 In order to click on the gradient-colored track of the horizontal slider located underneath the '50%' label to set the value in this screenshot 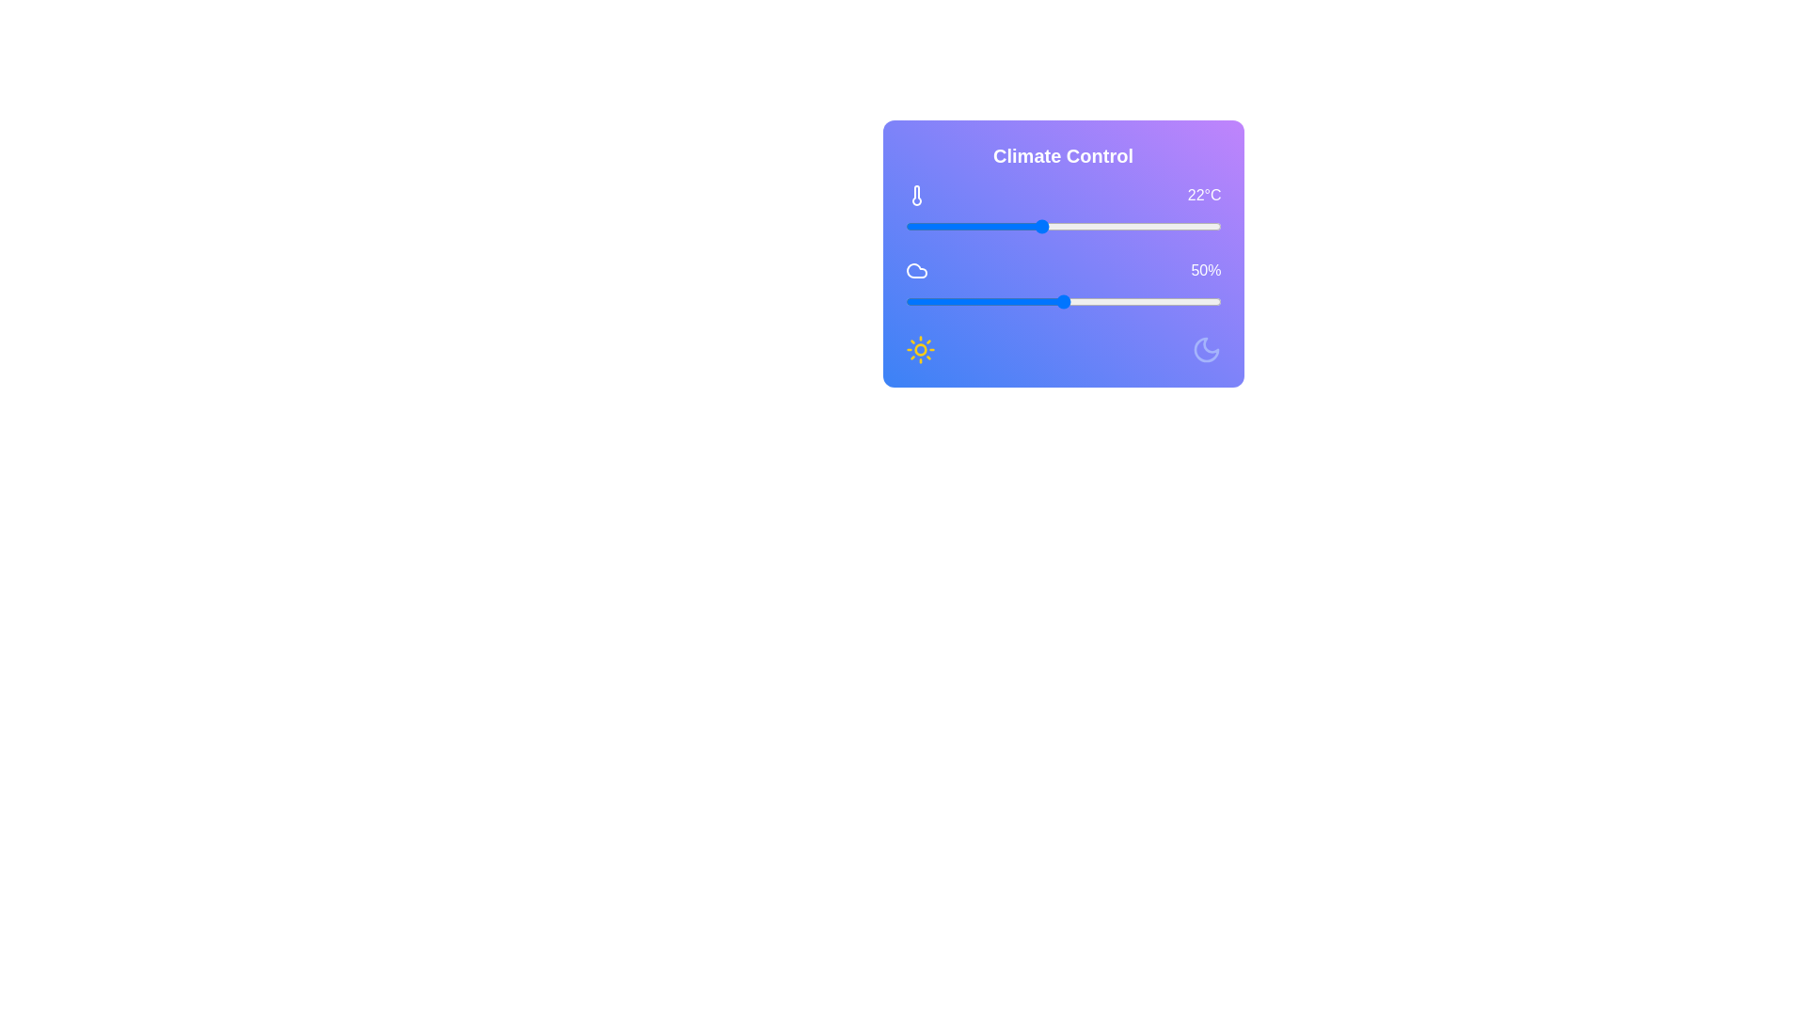, I will do `click(1063, 300)`.